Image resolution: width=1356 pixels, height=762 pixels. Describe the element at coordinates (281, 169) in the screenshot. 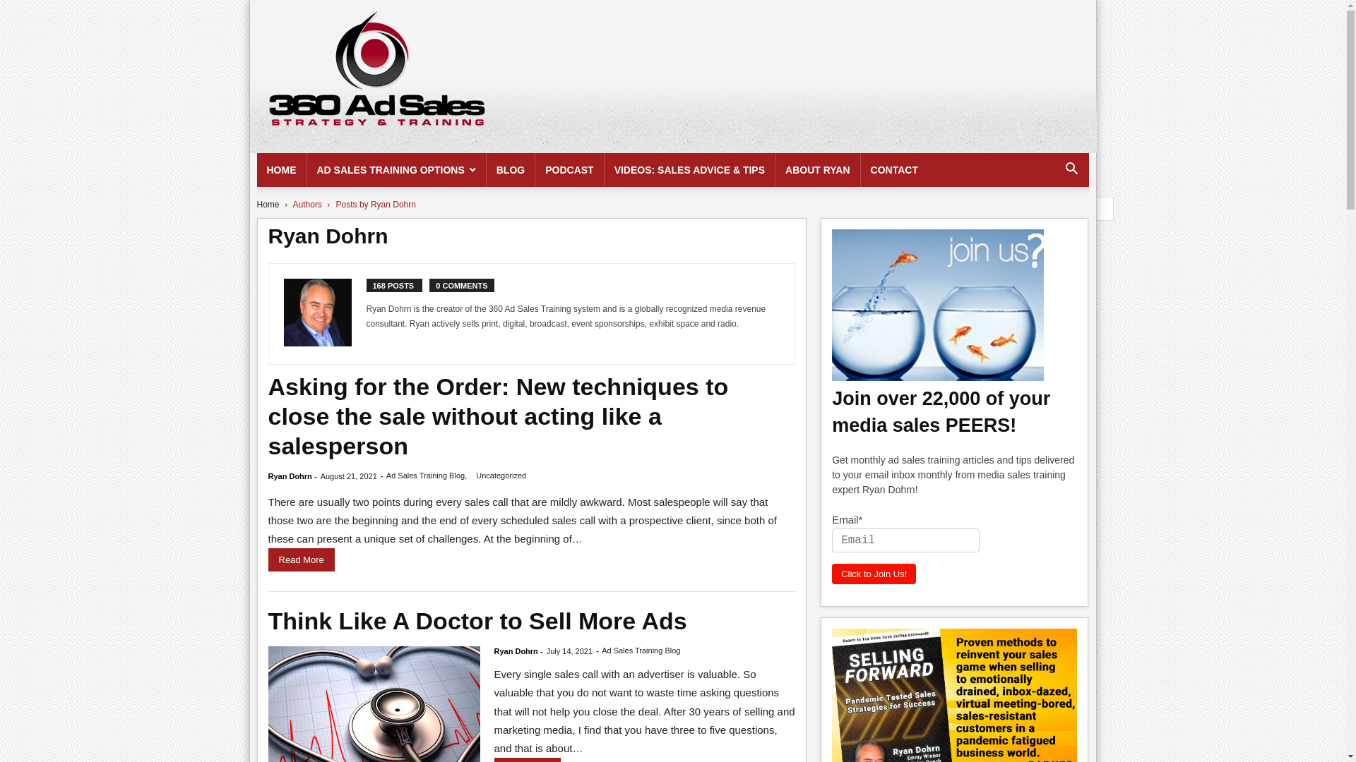

I see `'HOME'` at that location.